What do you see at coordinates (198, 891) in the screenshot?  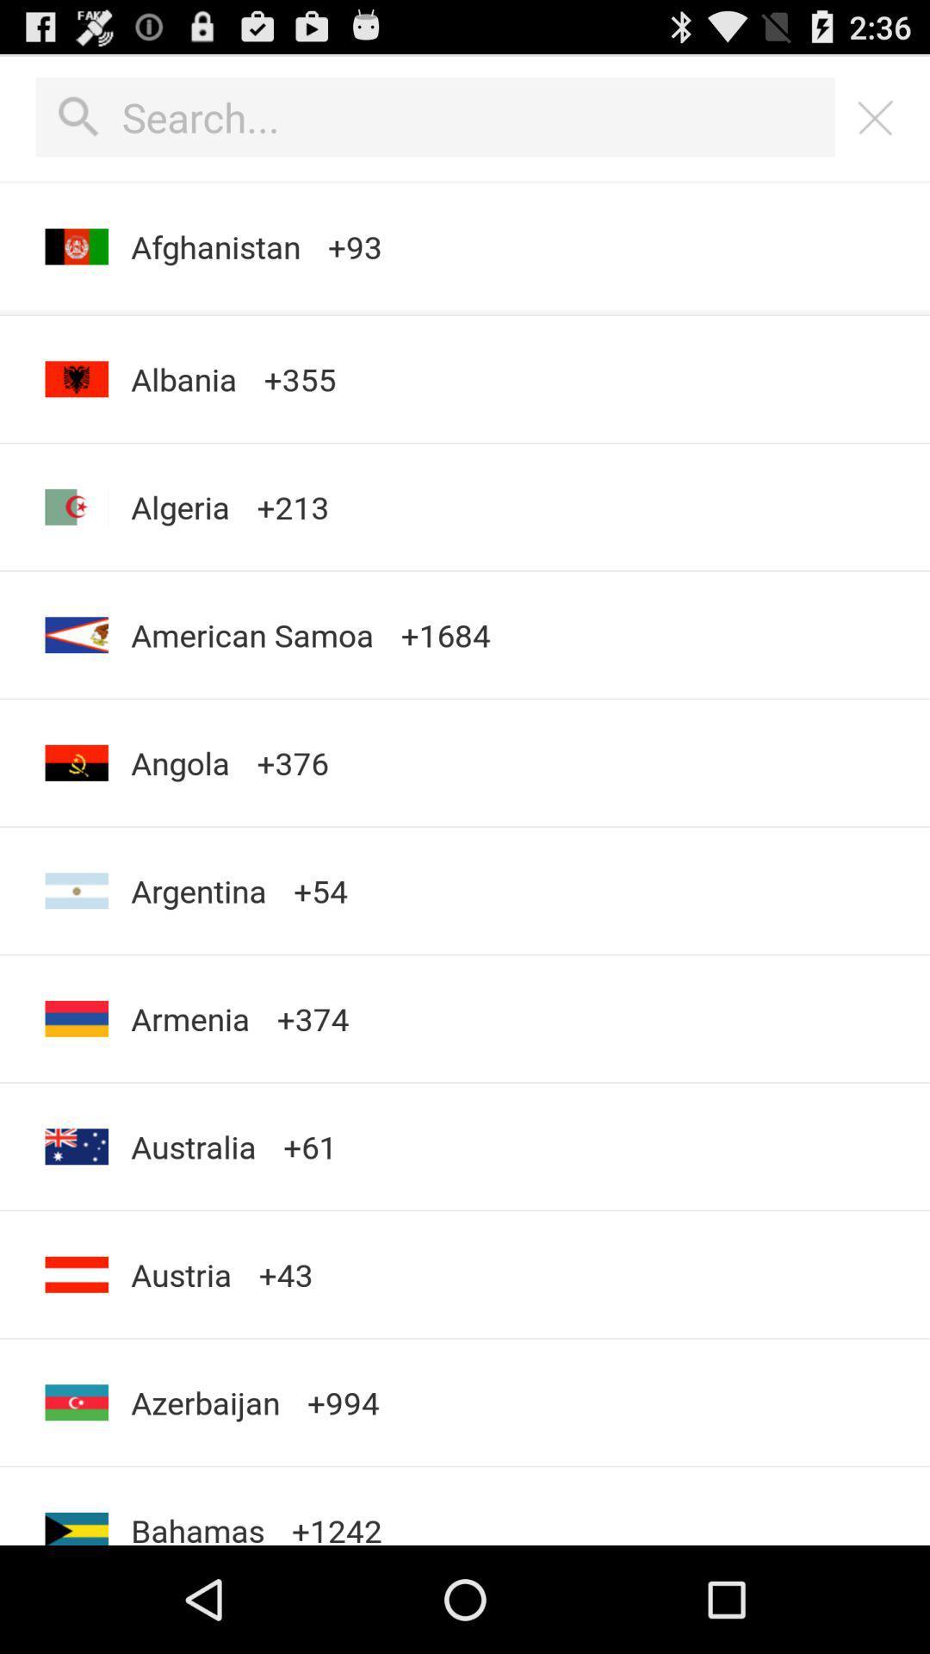 I see `argentina icon` at bounding box center [198, 891].